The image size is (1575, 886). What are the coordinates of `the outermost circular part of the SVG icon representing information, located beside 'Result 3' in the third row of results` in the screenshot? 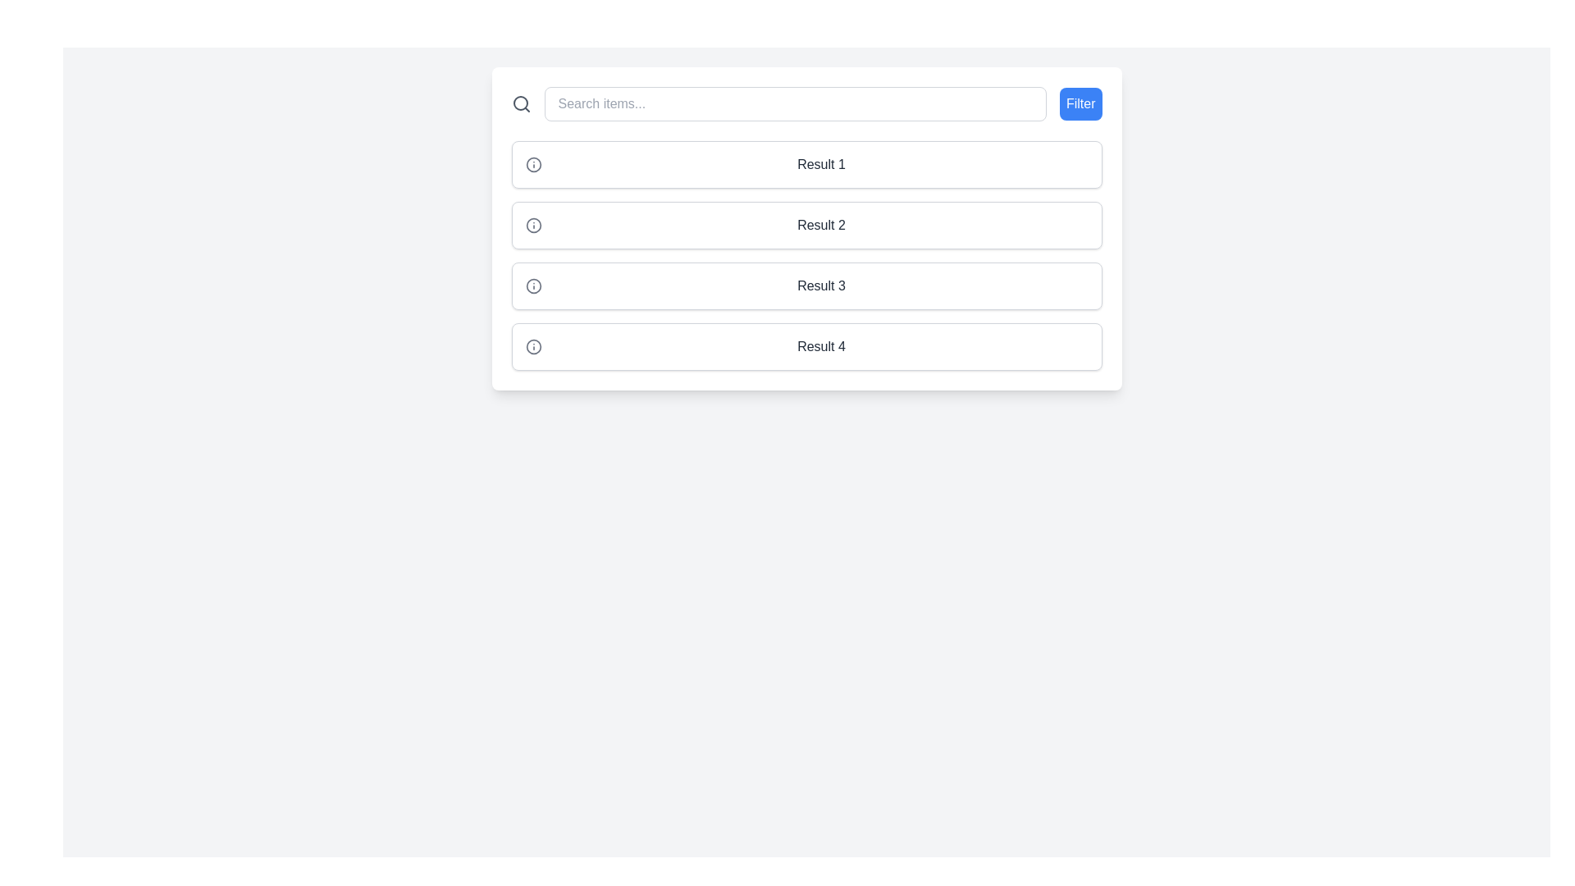 It's located at (533, 285).